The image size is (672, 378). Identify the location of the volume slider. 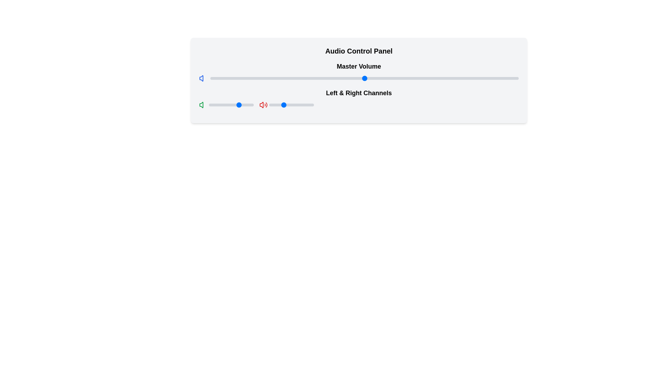
(256, 77).